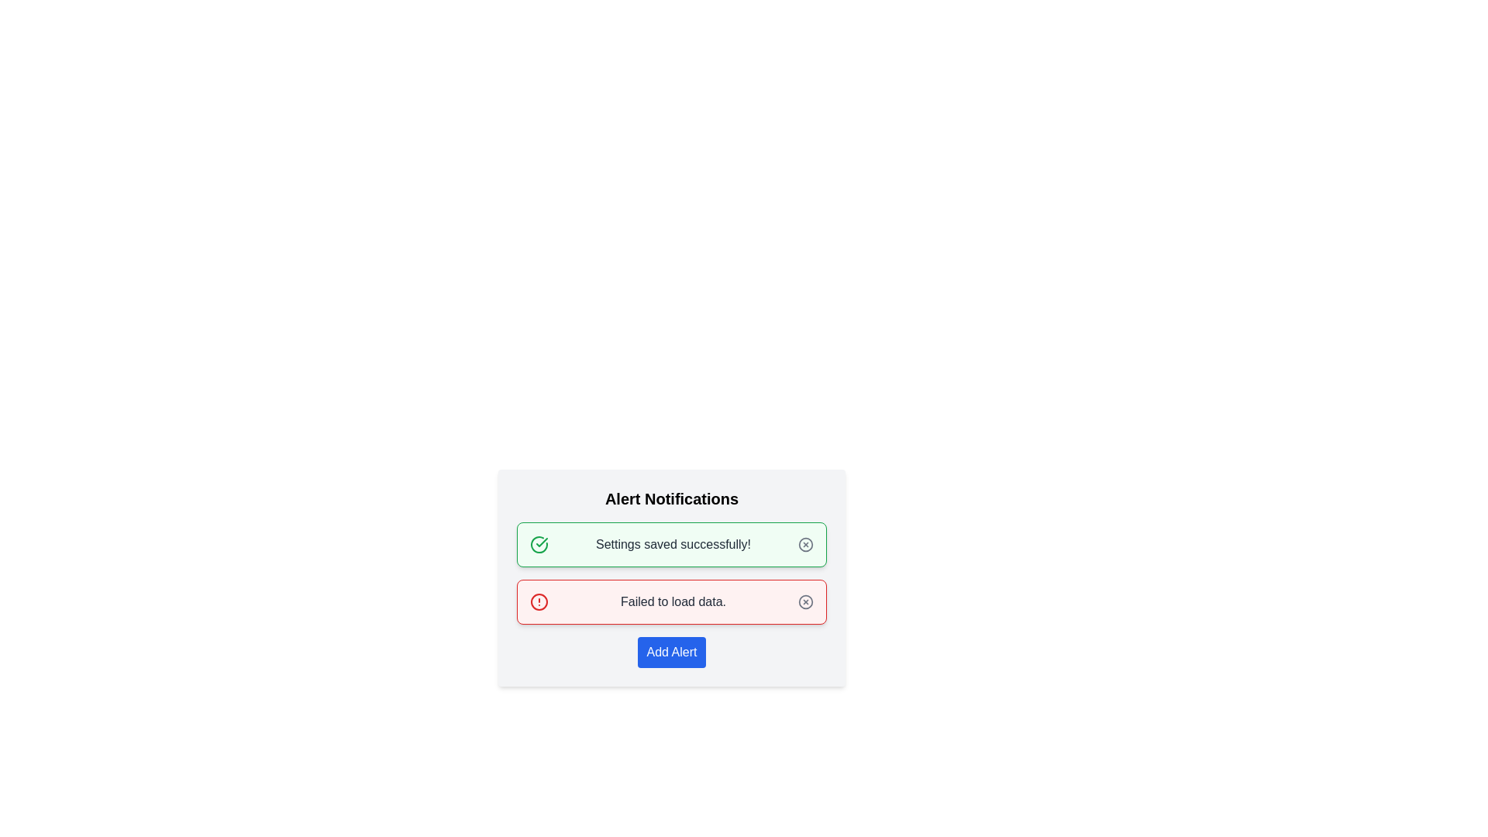 The height and width of the screenshot is (837, 1488). I want to click on the small circular button with a red border and an 'X' icon inside, so click(806, 601).